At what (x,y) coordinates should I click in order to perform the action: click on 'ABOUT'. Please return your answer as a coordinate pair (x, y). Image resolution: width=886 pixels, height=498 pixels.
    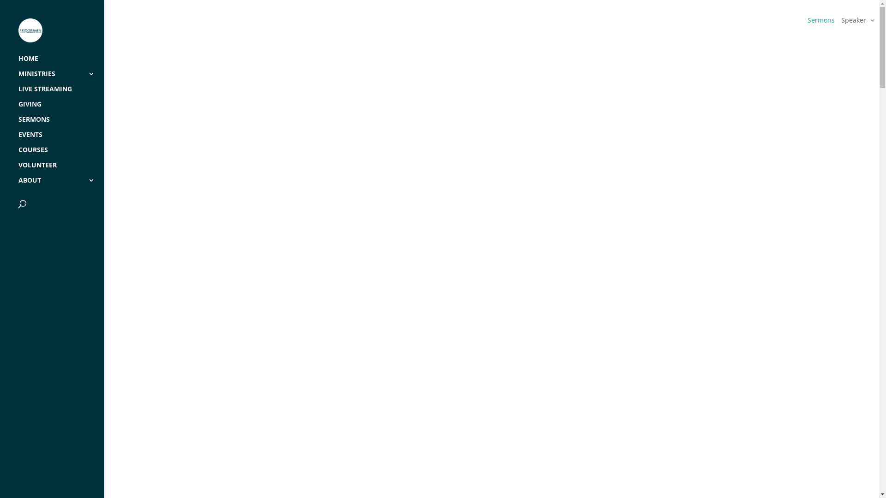
    Looking at the image, I should click on (60, 184).